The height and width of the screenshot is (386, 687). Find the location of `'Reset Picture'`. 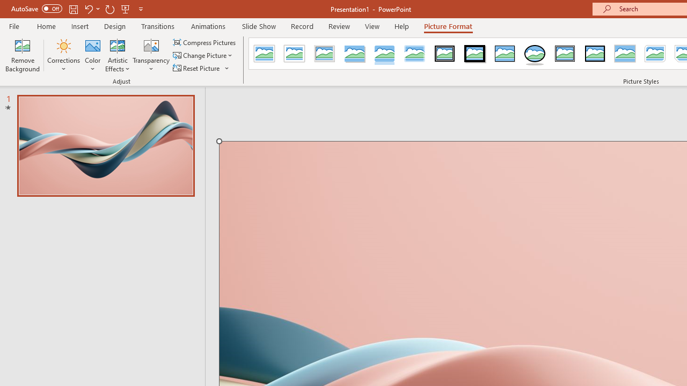

'Reset Picture' is located at coordinates (197, 68).